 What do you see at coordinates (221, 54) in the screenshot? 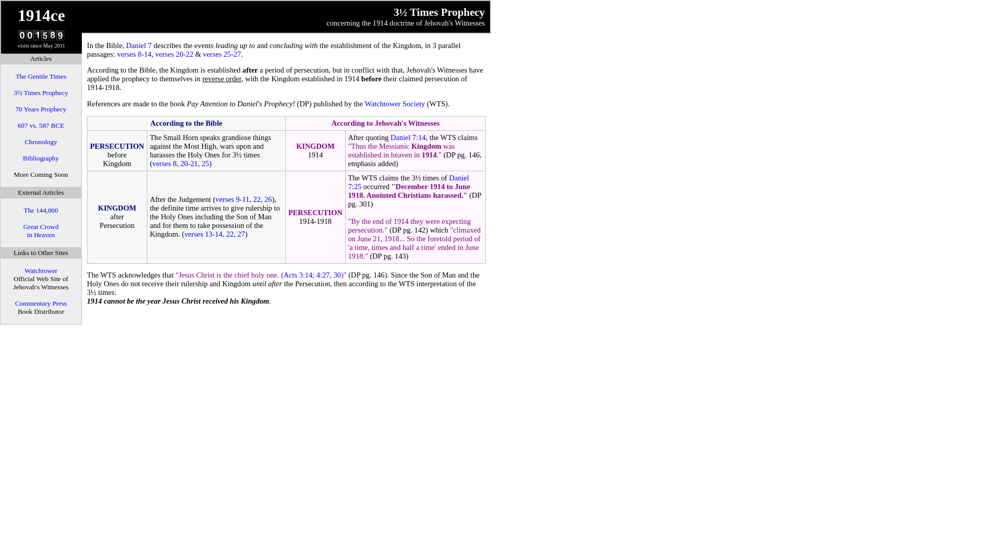
I see `'verses 25-27'` at bounding box center [221, 54].